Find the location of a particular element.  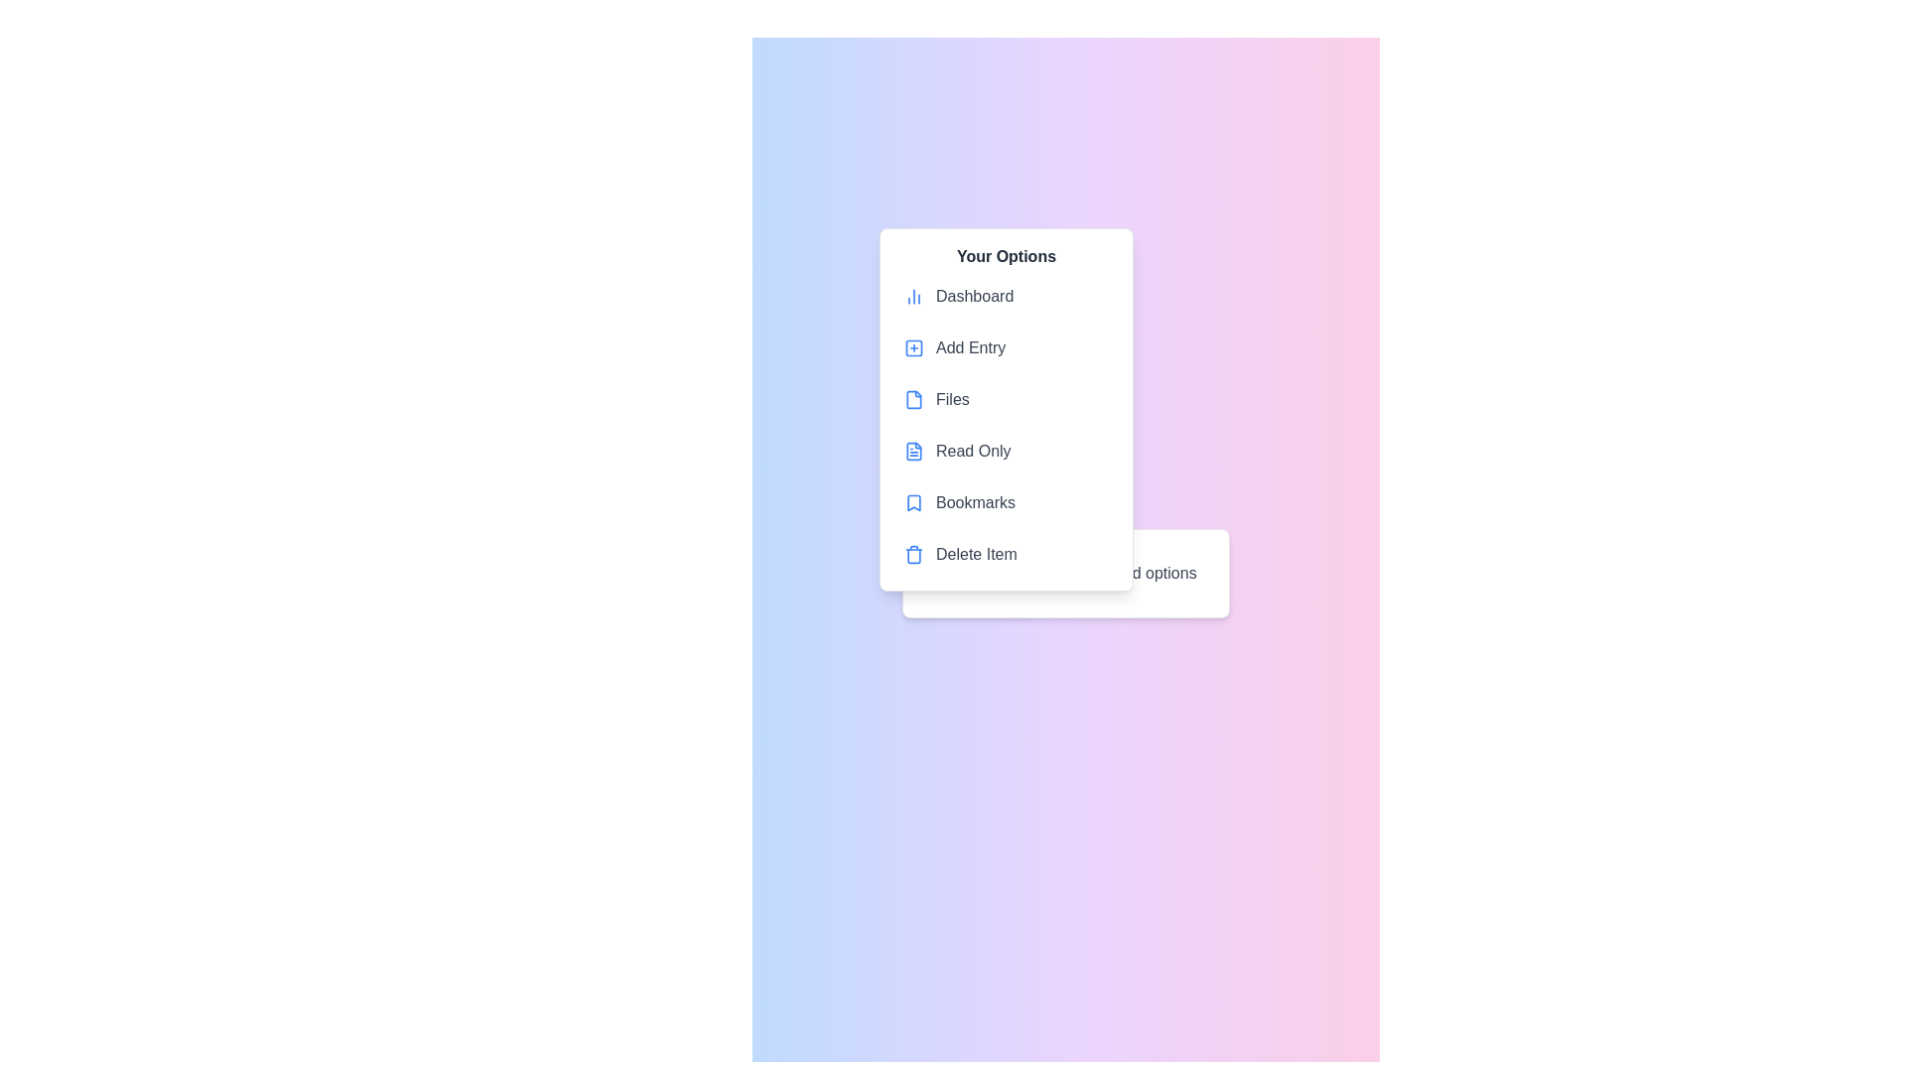

the menu item labeled 'Add Entry' in the context menu is located at coordinates (1006, 347).